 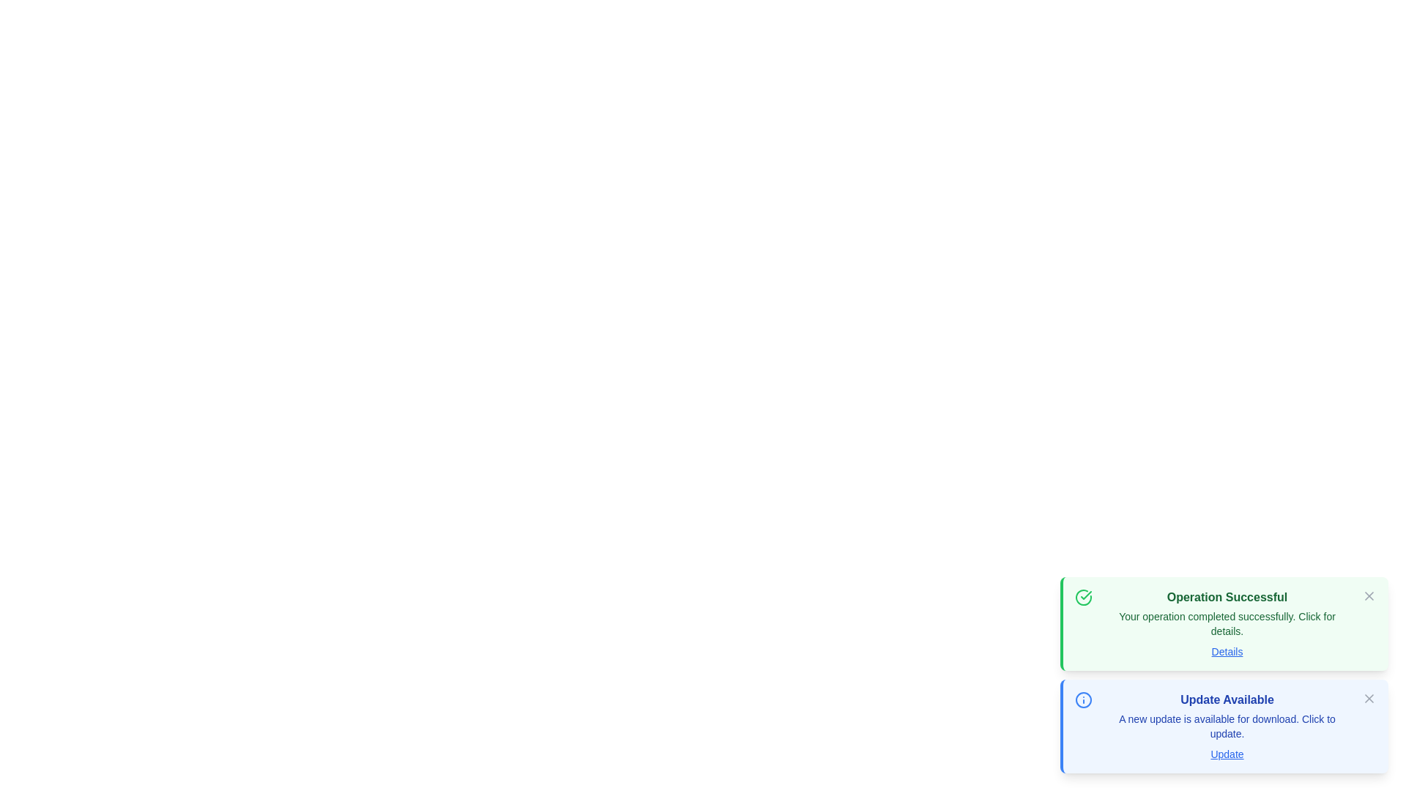 I want to click on the hyperlink located at the bottom of the green notification box, just below the text 'Your operation completed successfully. Click for details.', so click(x=1227, y=651).